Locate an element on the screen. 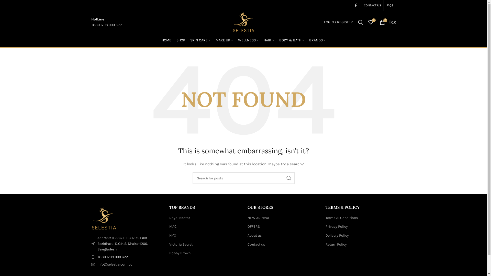  'FAQS' is located at coordinates (389, 5).